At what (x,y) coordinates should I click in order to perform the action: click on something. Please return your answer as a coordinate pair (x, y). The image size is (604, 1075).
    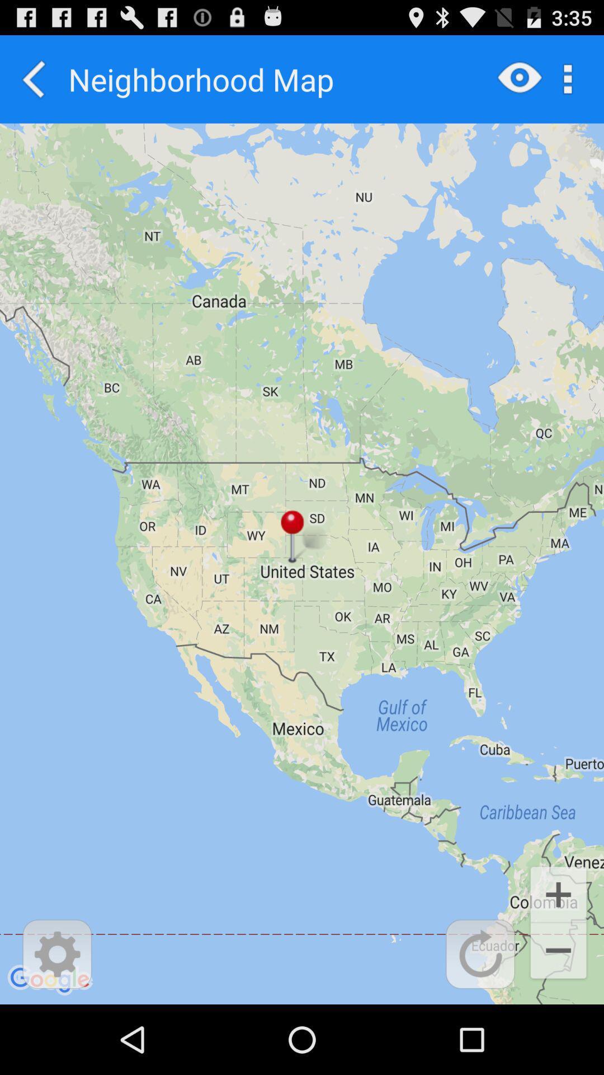
    Looking at the image, I should click on (480, 954).